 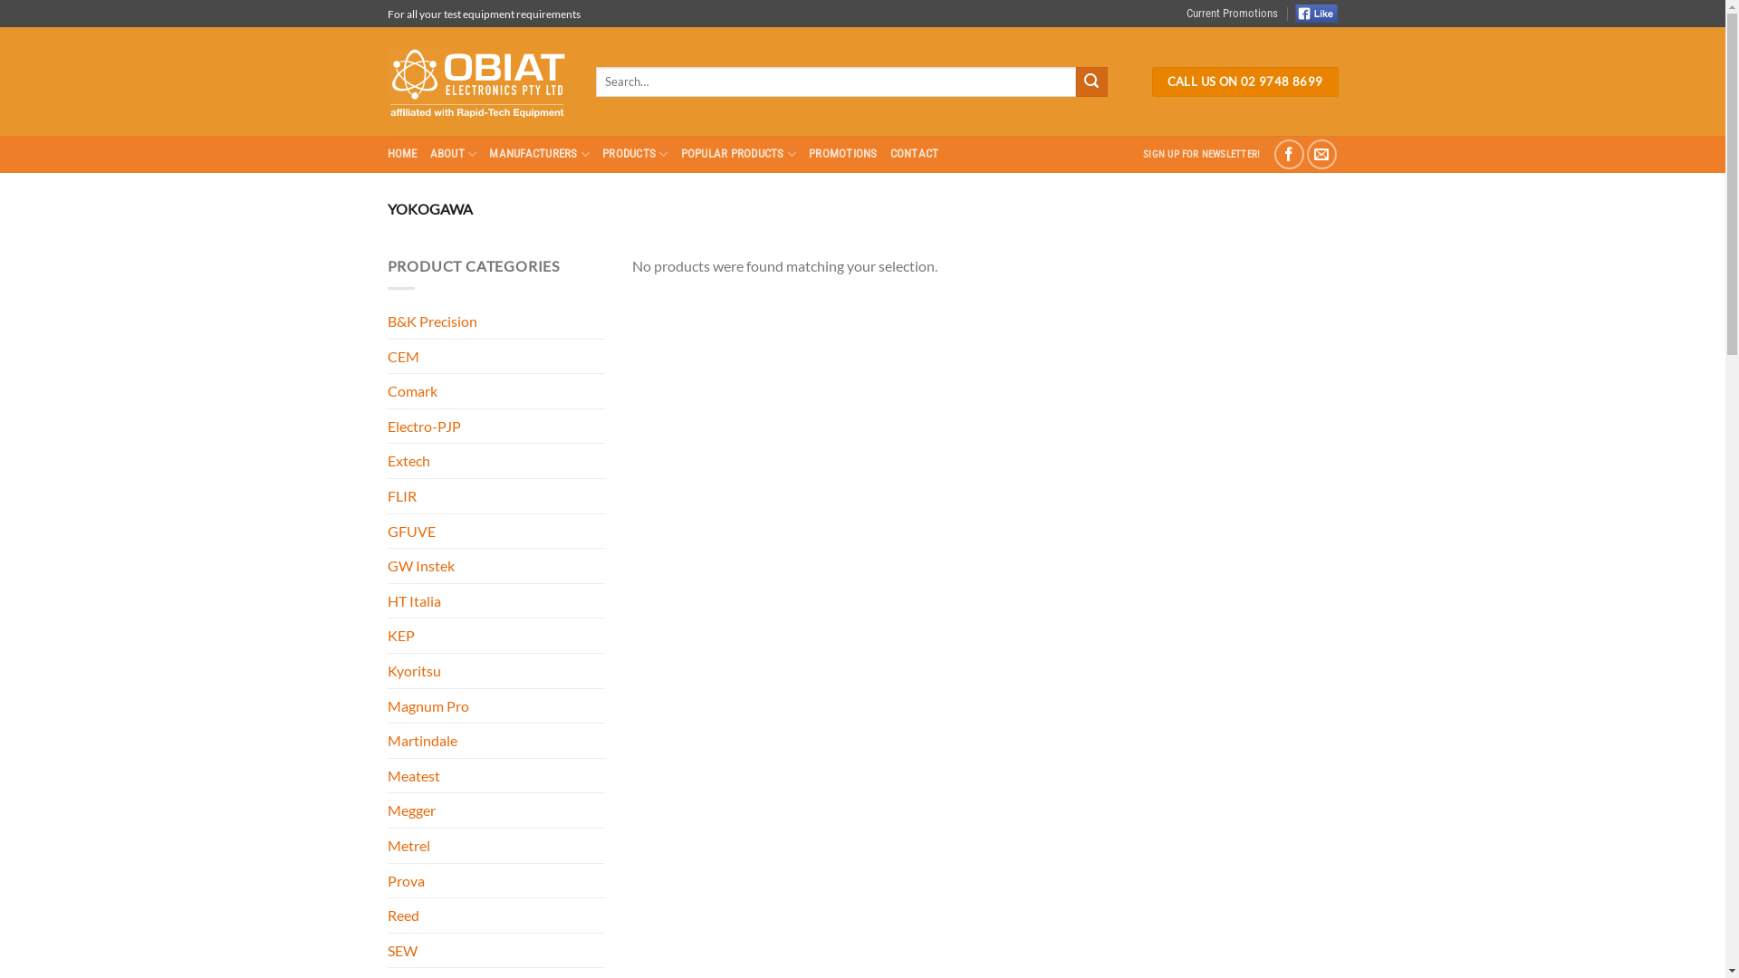 What do you see at coordinates (495, 356) in the screenshot?
I see `'CEM'` at bounding box center [495, 356].